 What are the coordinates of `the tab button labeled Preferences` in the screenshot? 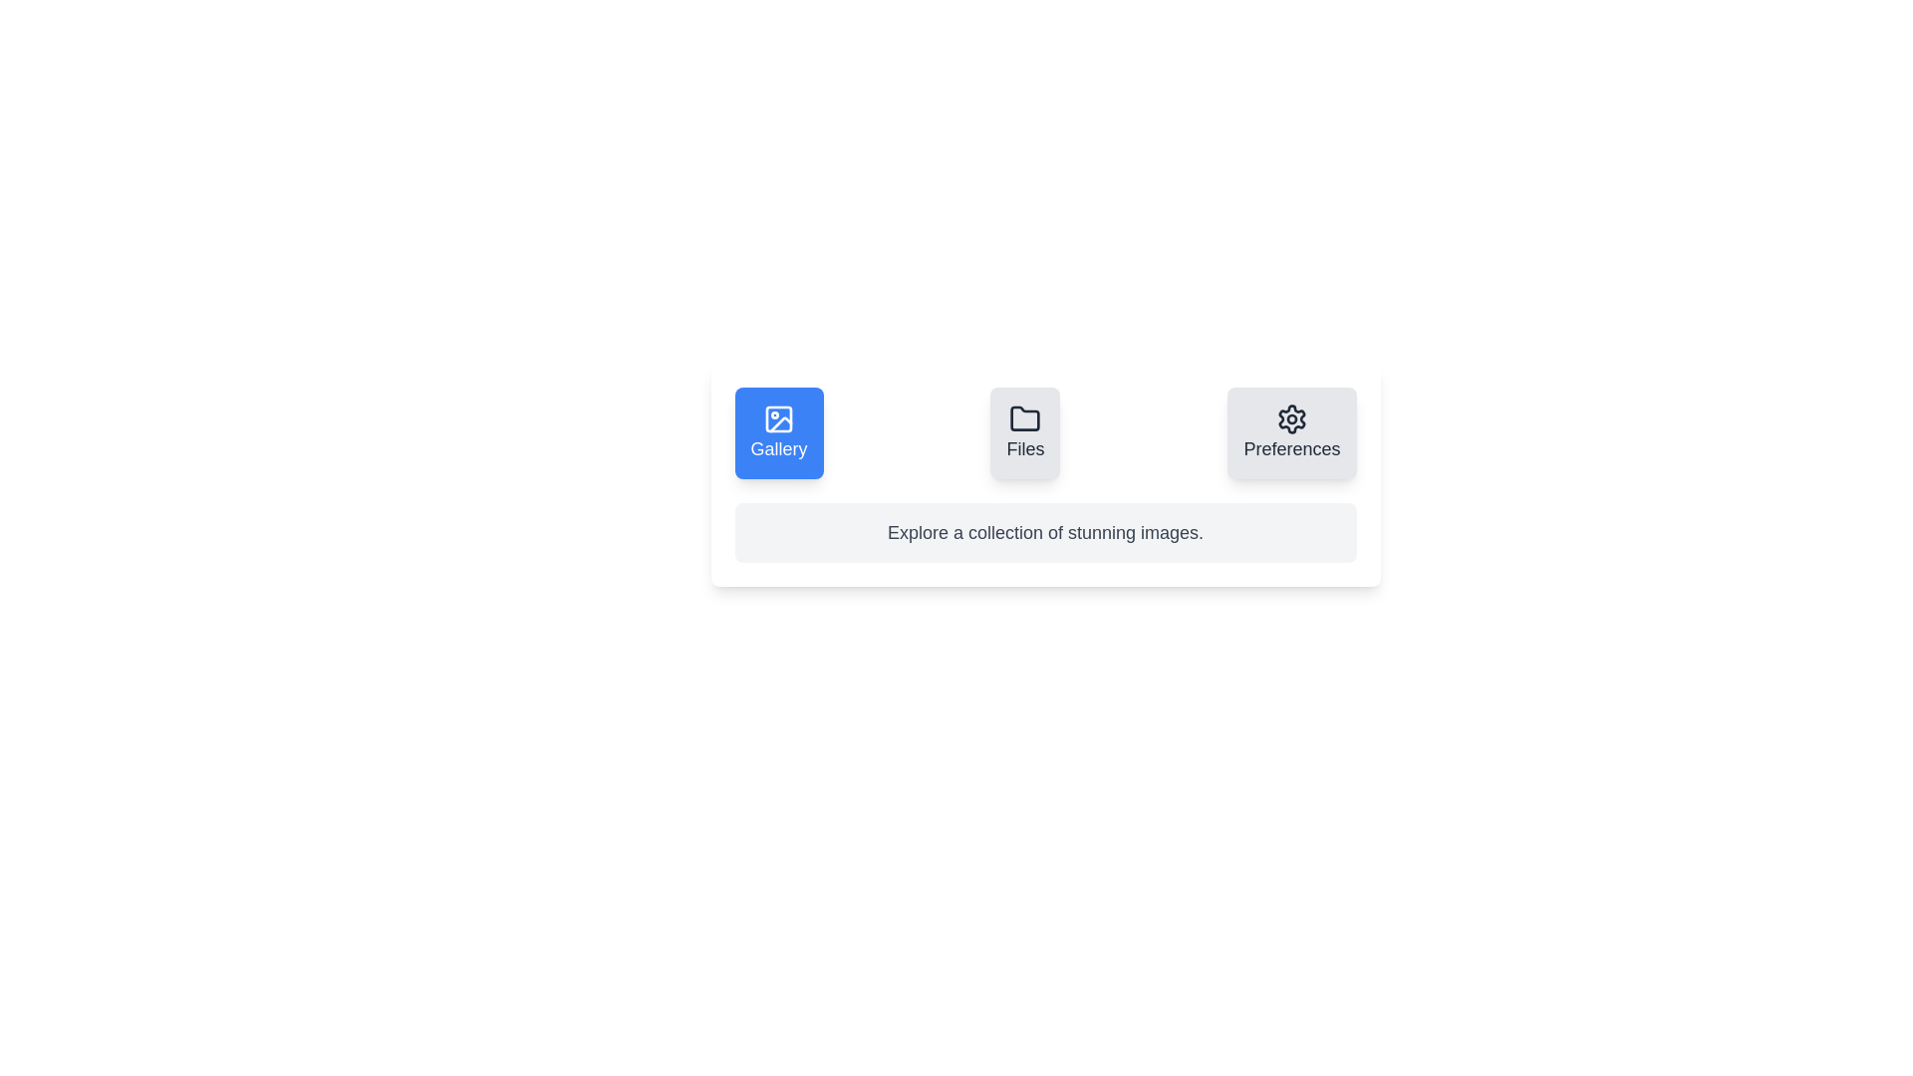 It's located at (1291, 432).